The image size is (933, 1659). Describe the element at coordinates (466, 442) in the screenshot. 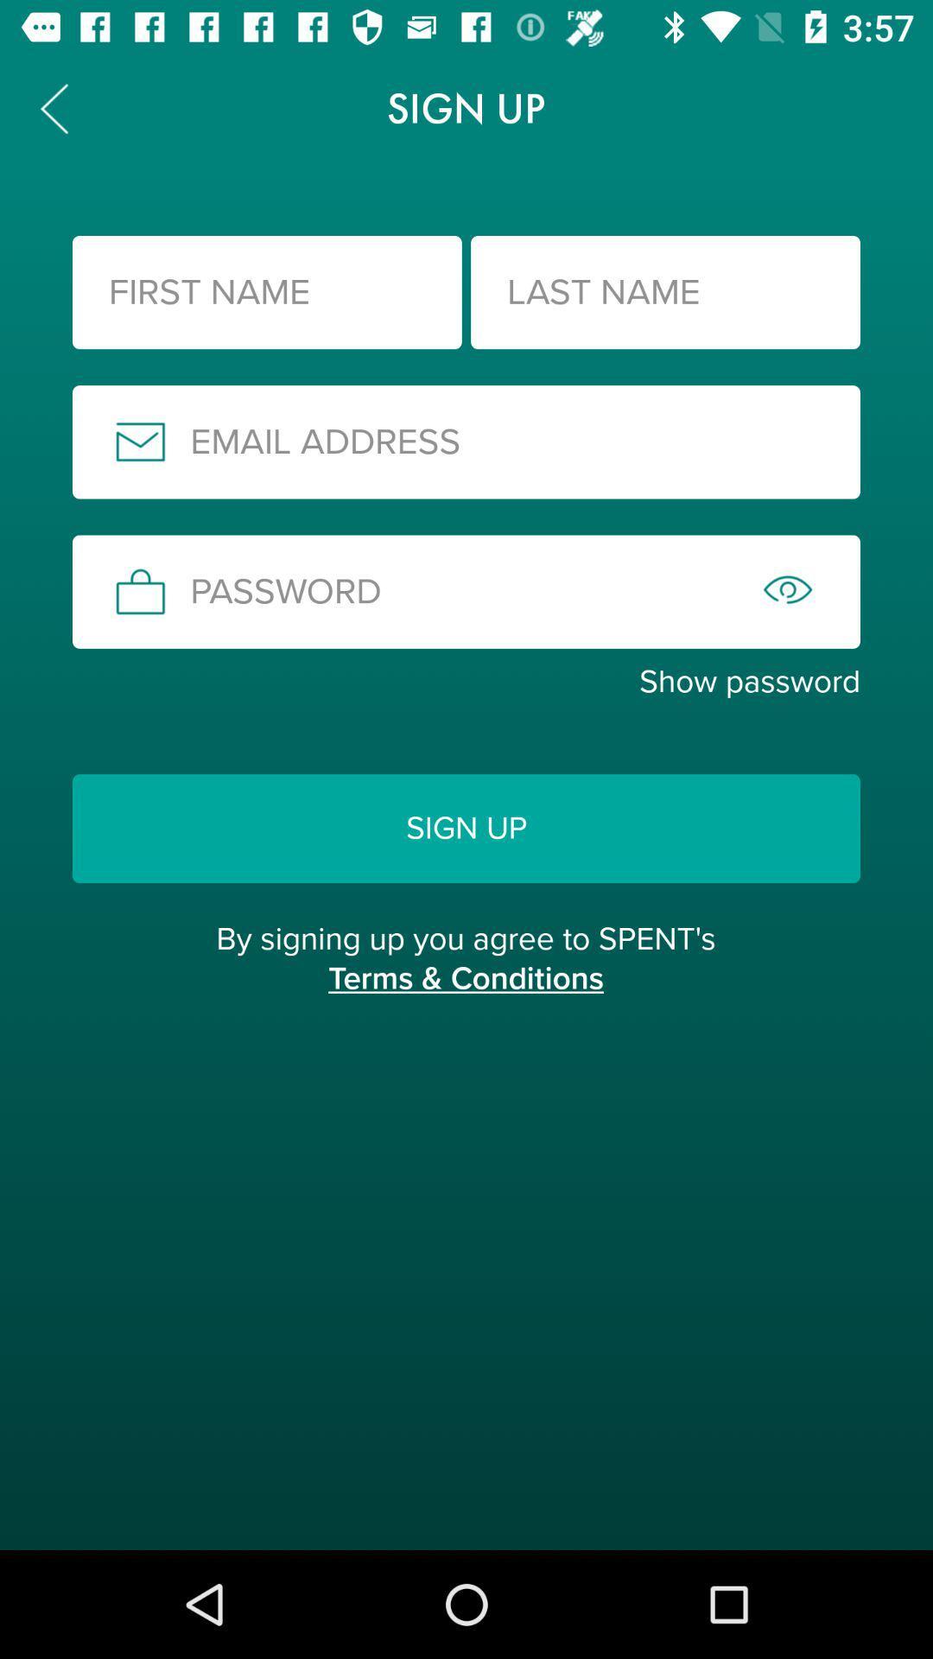

I see `email` at that location.